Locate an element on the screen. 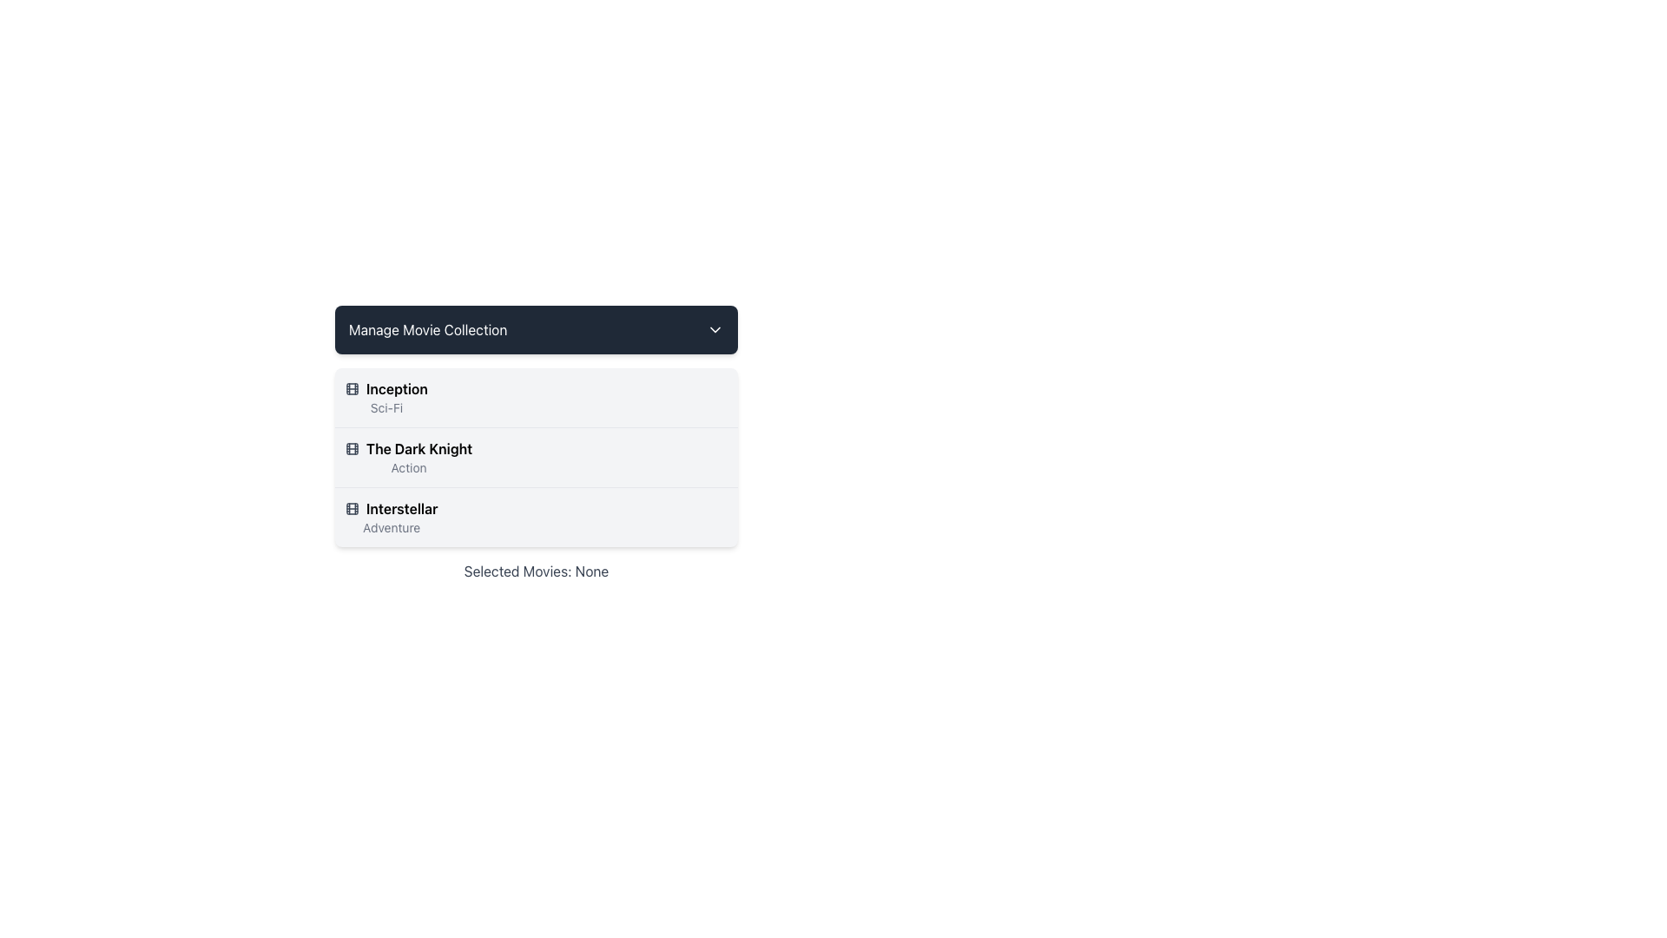  to select the movie entry 'Inception' with the subtext 'Sci-Fi' in the first row of the movie list below 'Manage Movie Collection' is located at coordinates (385, 398).